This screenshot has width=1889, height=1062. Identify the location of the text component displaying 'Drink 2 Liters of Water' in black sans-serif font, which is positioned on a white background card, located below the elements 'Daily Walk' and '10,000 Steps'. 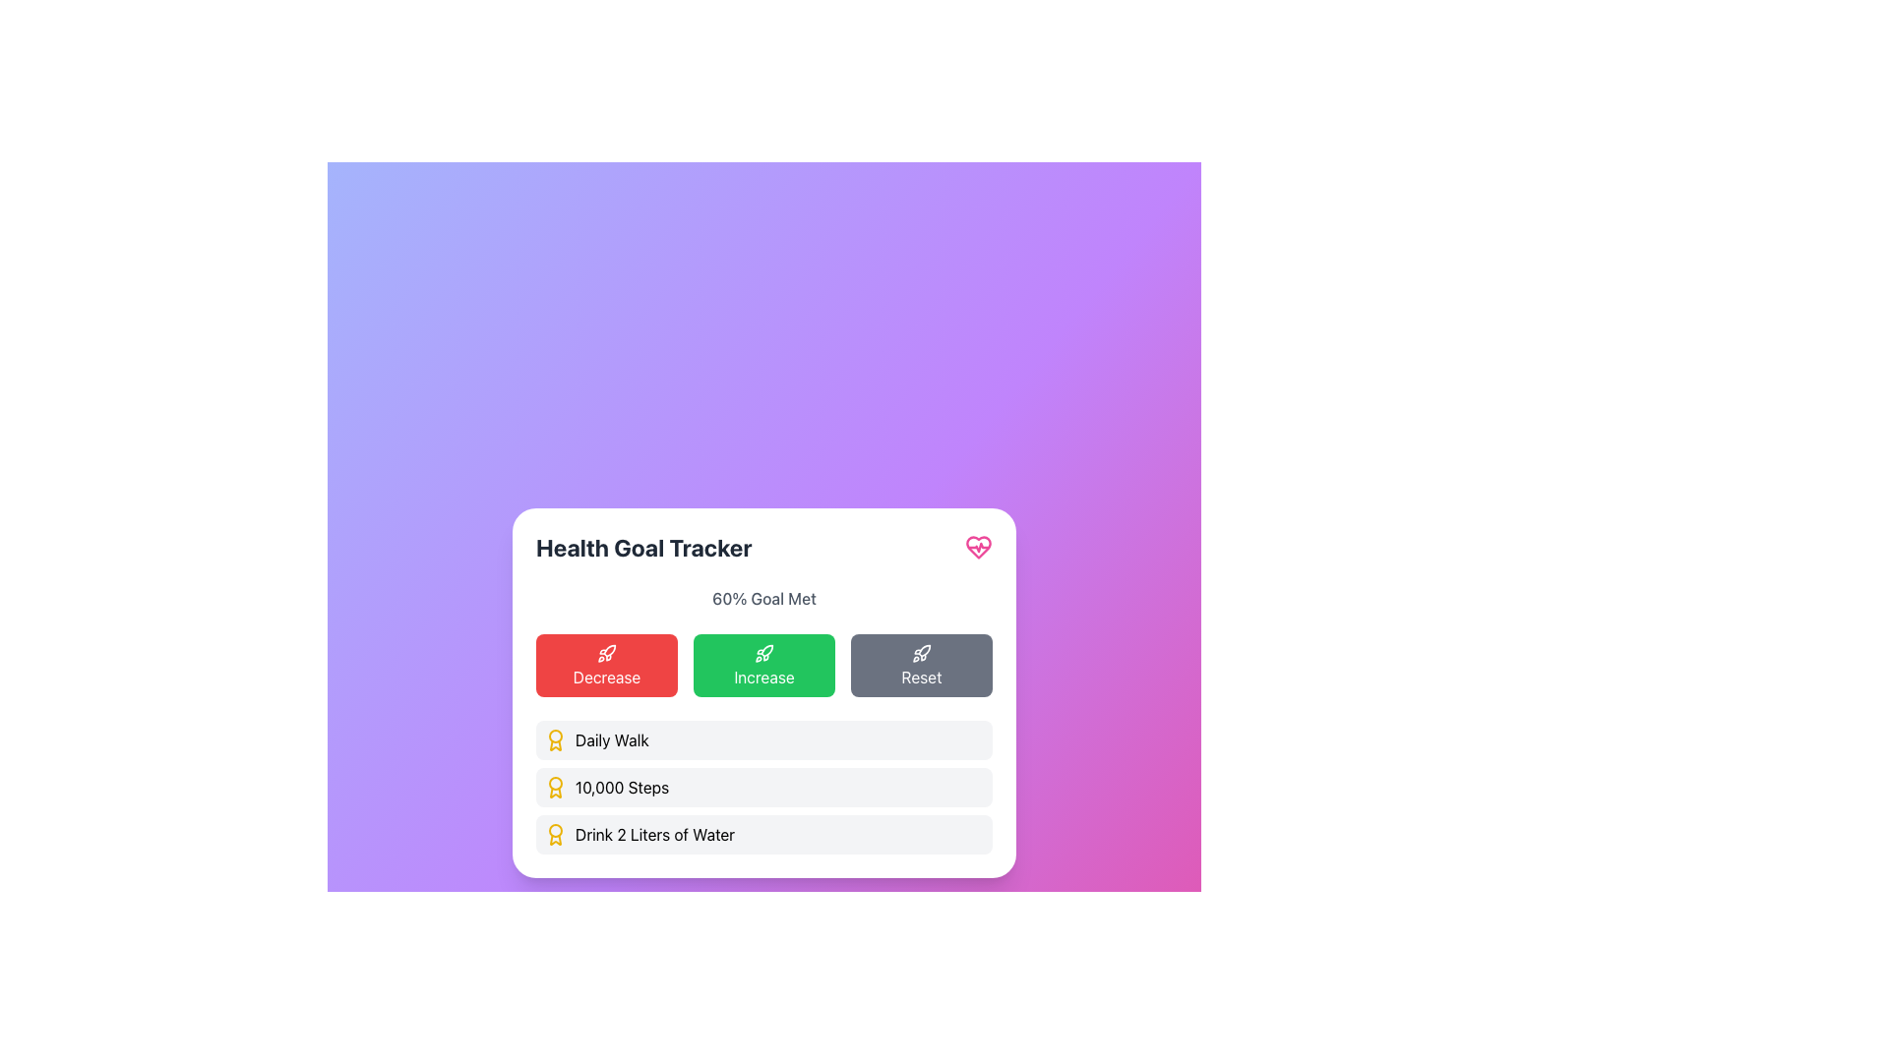
(655, 834).